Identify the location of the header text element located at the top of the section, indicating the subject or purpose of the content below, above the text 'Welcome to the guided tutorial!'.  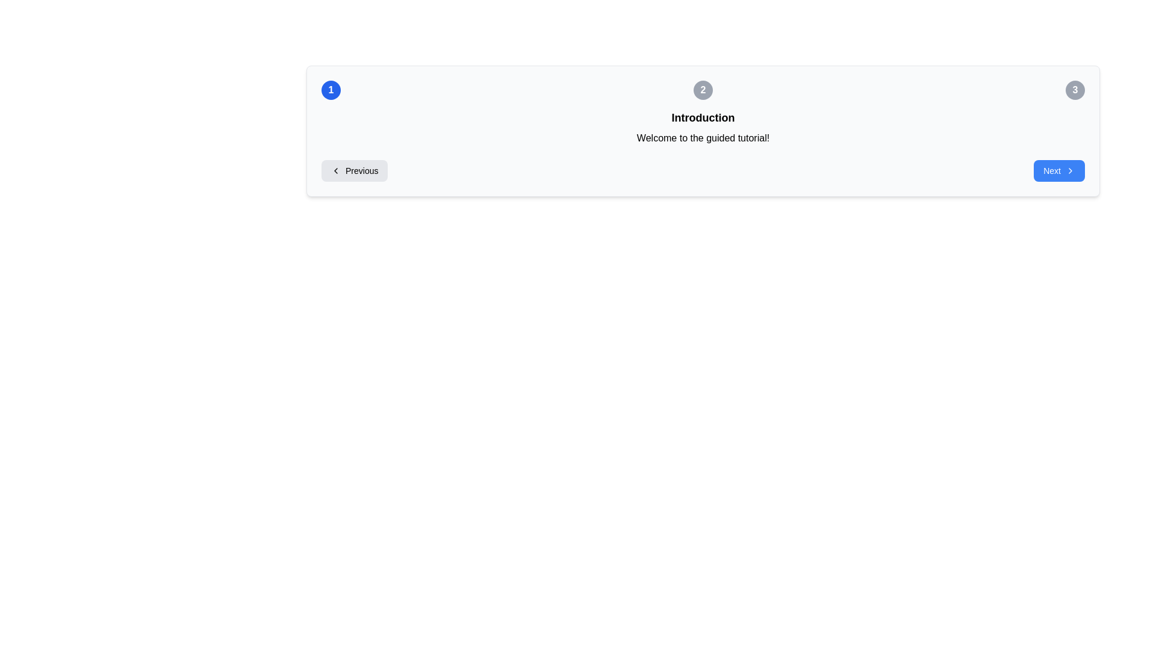
(703, 118).